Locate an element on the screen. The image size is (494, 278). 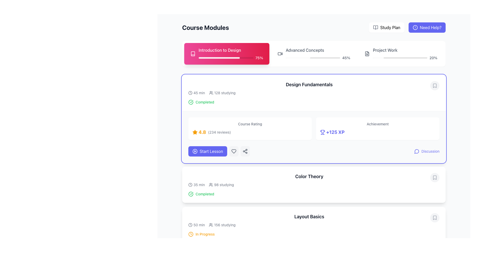
the video-related icon located within the 'Advanced Concepts' section is located at coordinates (280, 54).